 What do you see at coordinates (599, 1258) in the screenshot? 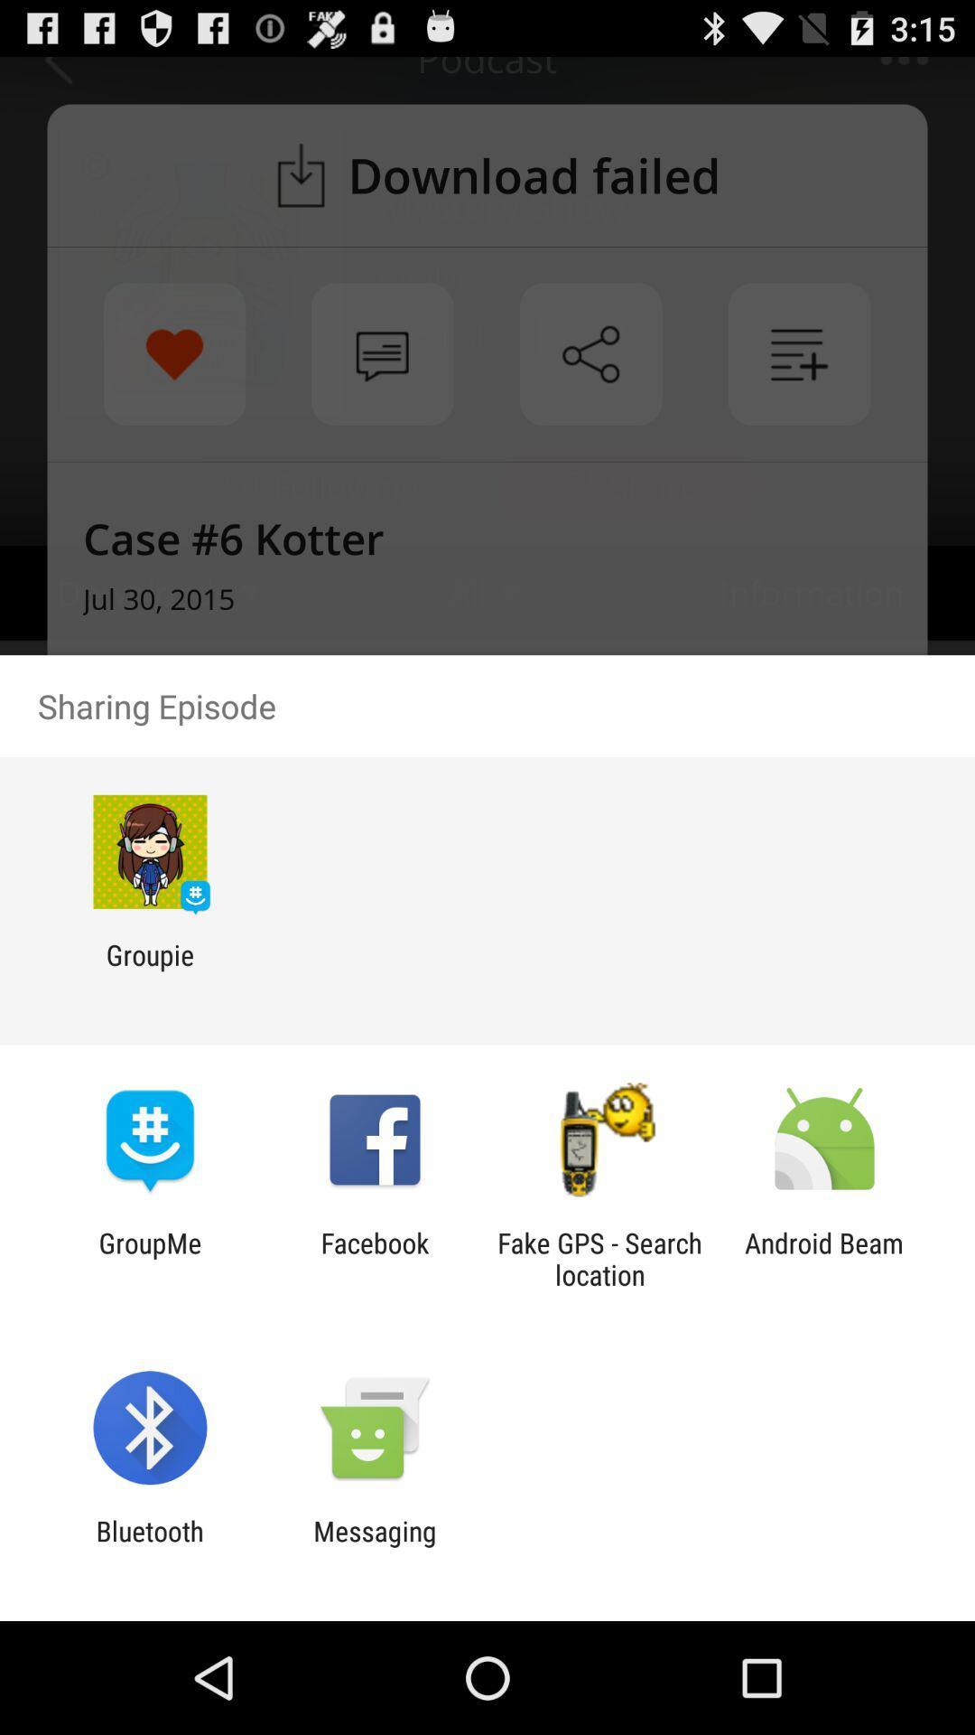
I see `icon to the left of android beam icon` at bounding box center [599, 1258].